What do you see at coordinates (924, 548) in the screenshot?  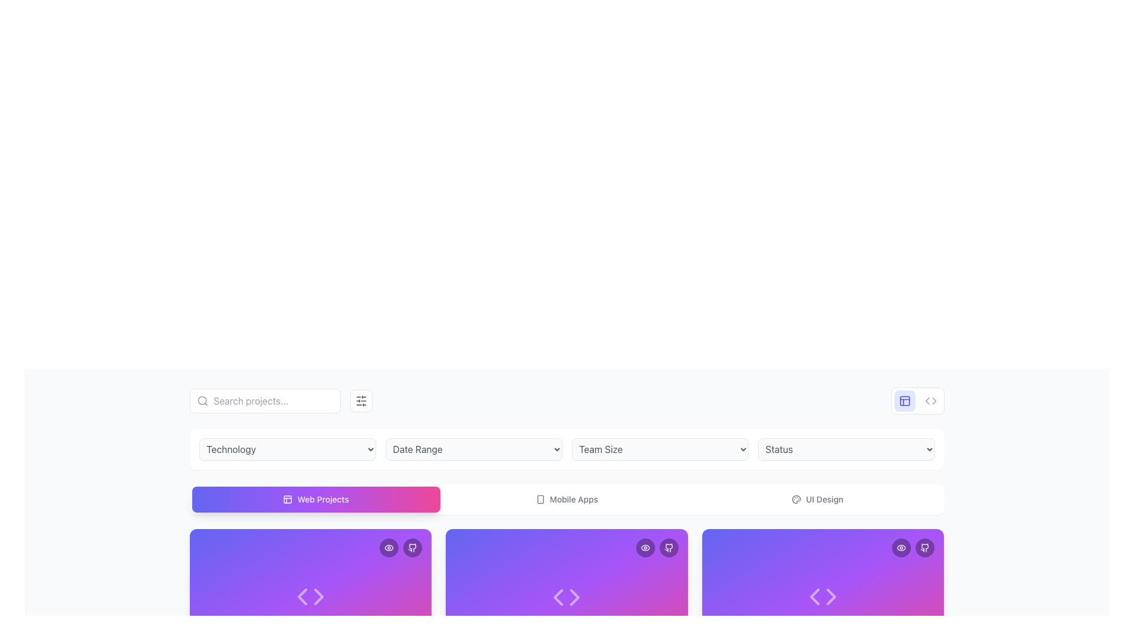 I see `the GitHub SVG icon located at the top-right corner of the interface, which is contained within a circular button with a partially transparent dark background` at bounding box center [924, 548].